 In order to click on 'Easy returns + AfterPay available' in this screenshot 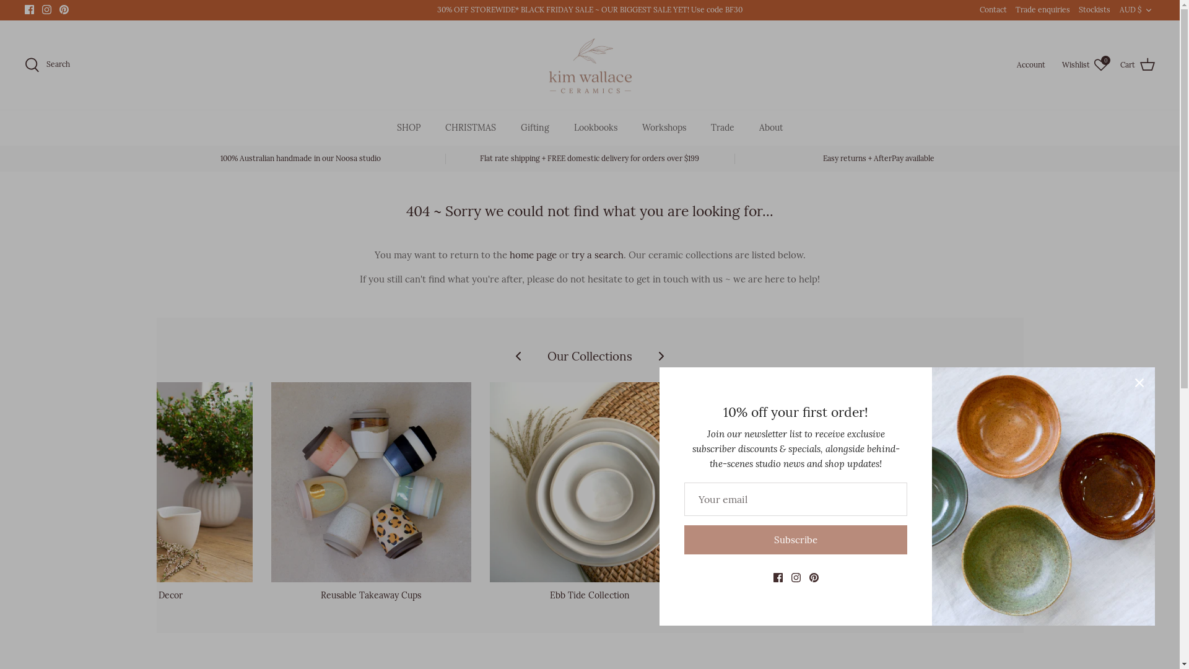, I will do `click(878, 158)`.